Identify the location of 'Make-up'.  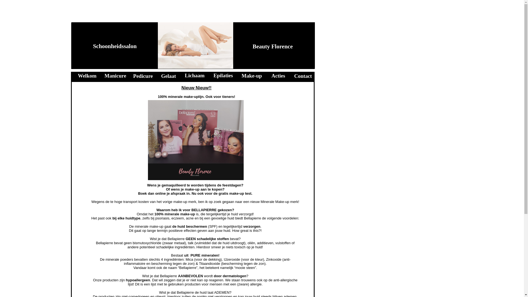
(252, 76).